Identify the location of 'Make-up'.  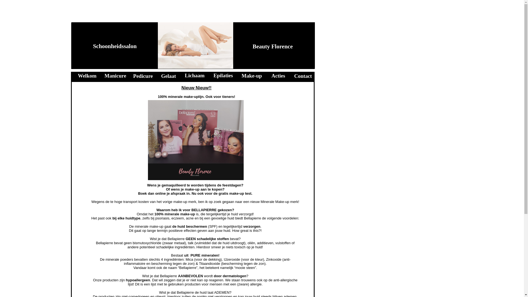
(252, 76).